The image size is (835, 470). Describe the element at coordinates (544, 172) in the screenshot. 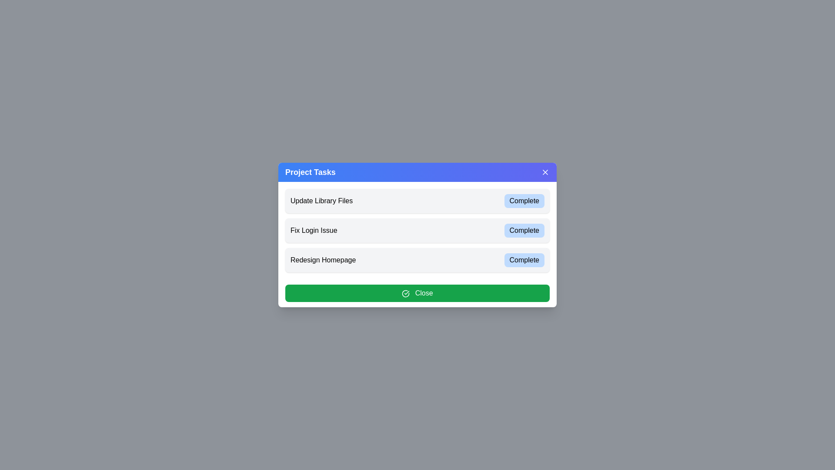

I see `the close button depicted as an 'X' icon located in the top-right corner of the modal's header` at that location.